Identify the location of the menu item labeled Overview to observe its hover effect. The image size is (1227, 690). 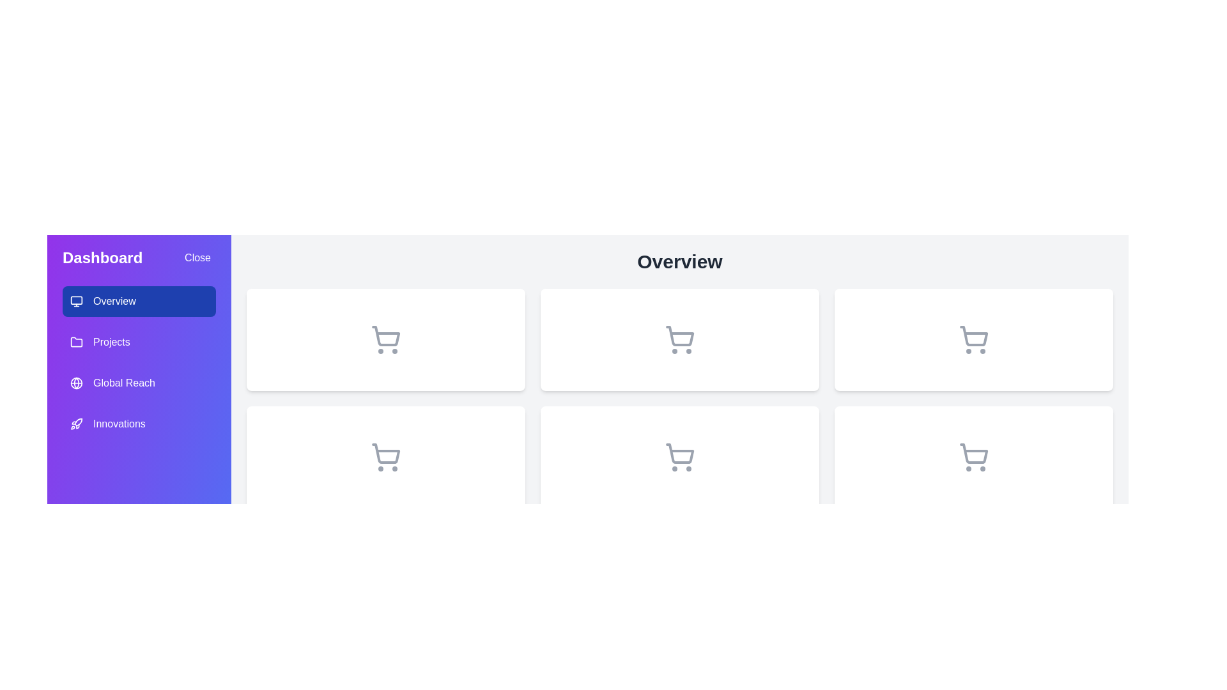
(139, 301).